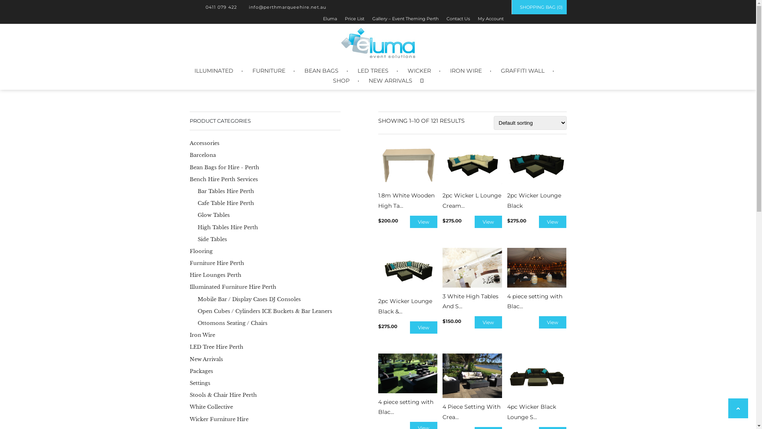 This screenshot has width=762, height=429. I want to click on 'WICKER', so click(418, 70).